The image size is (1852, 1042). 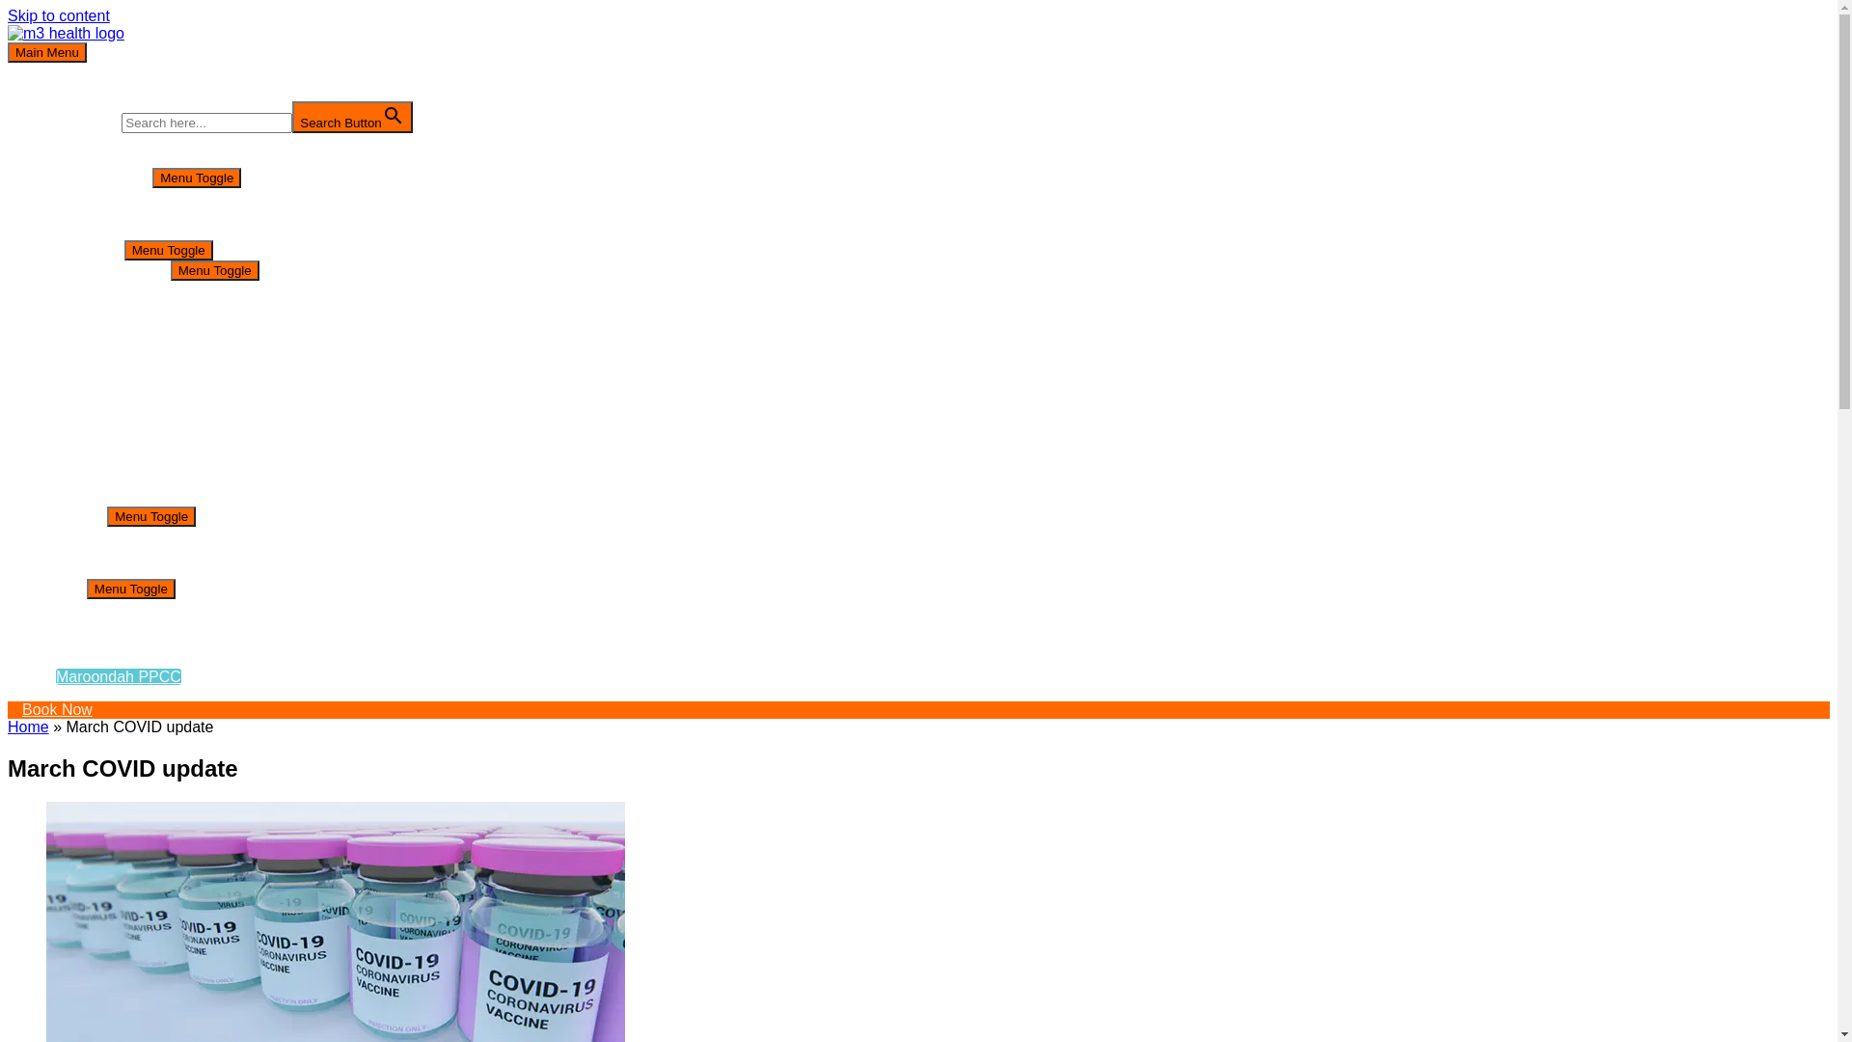 What do you see at coordinates (28, 727) in the screenshot?
I see `'Home'` at bounding box center [28, 727].